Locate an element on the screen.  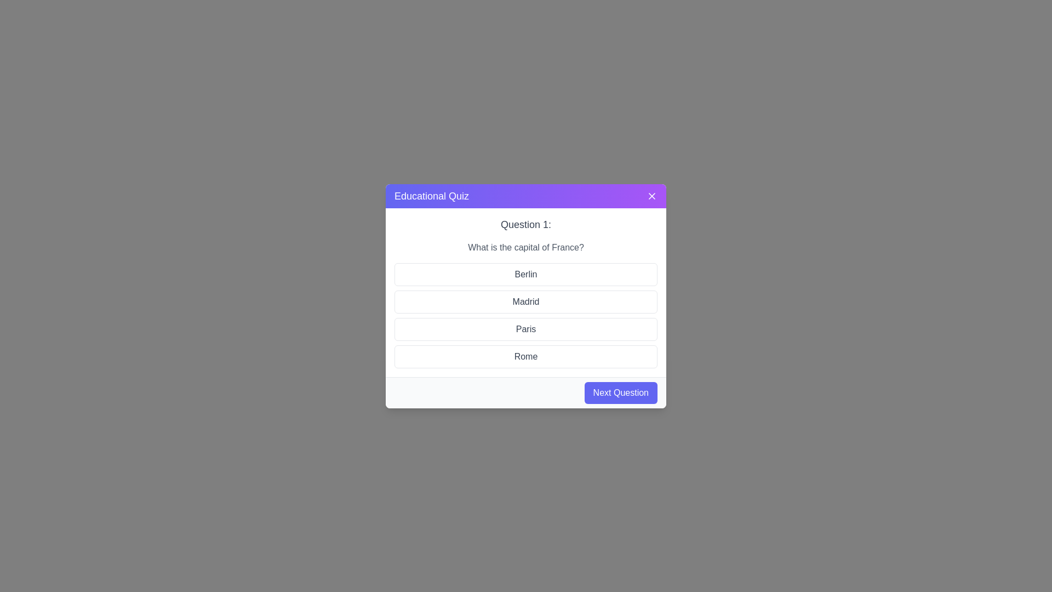
the second button labeled 'Madrid' from the vertically stacked buttons that include 'Berlin', 'Paris', and 'Rome' to make a selection is located at coordinates (526, 301).